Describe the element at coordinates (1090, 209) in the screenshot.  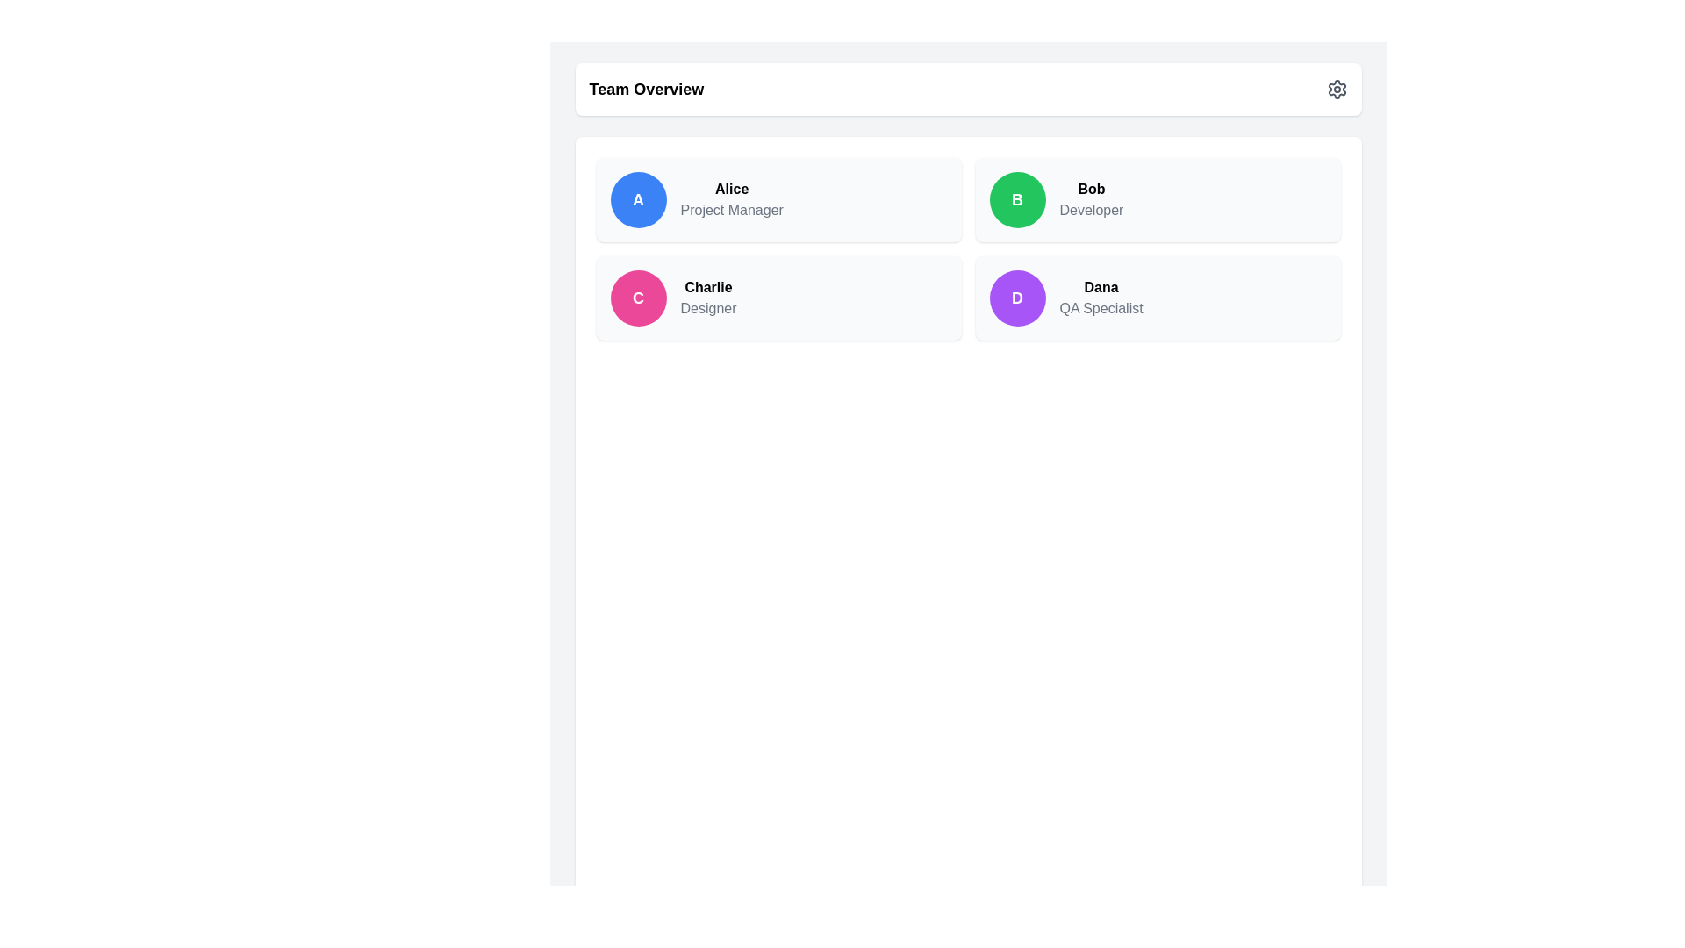
I see `the static text label displaying the role 'Developer' associated with the profile card of 'Bob' in the top-right section of the 'Team Overview' interface` at that location.